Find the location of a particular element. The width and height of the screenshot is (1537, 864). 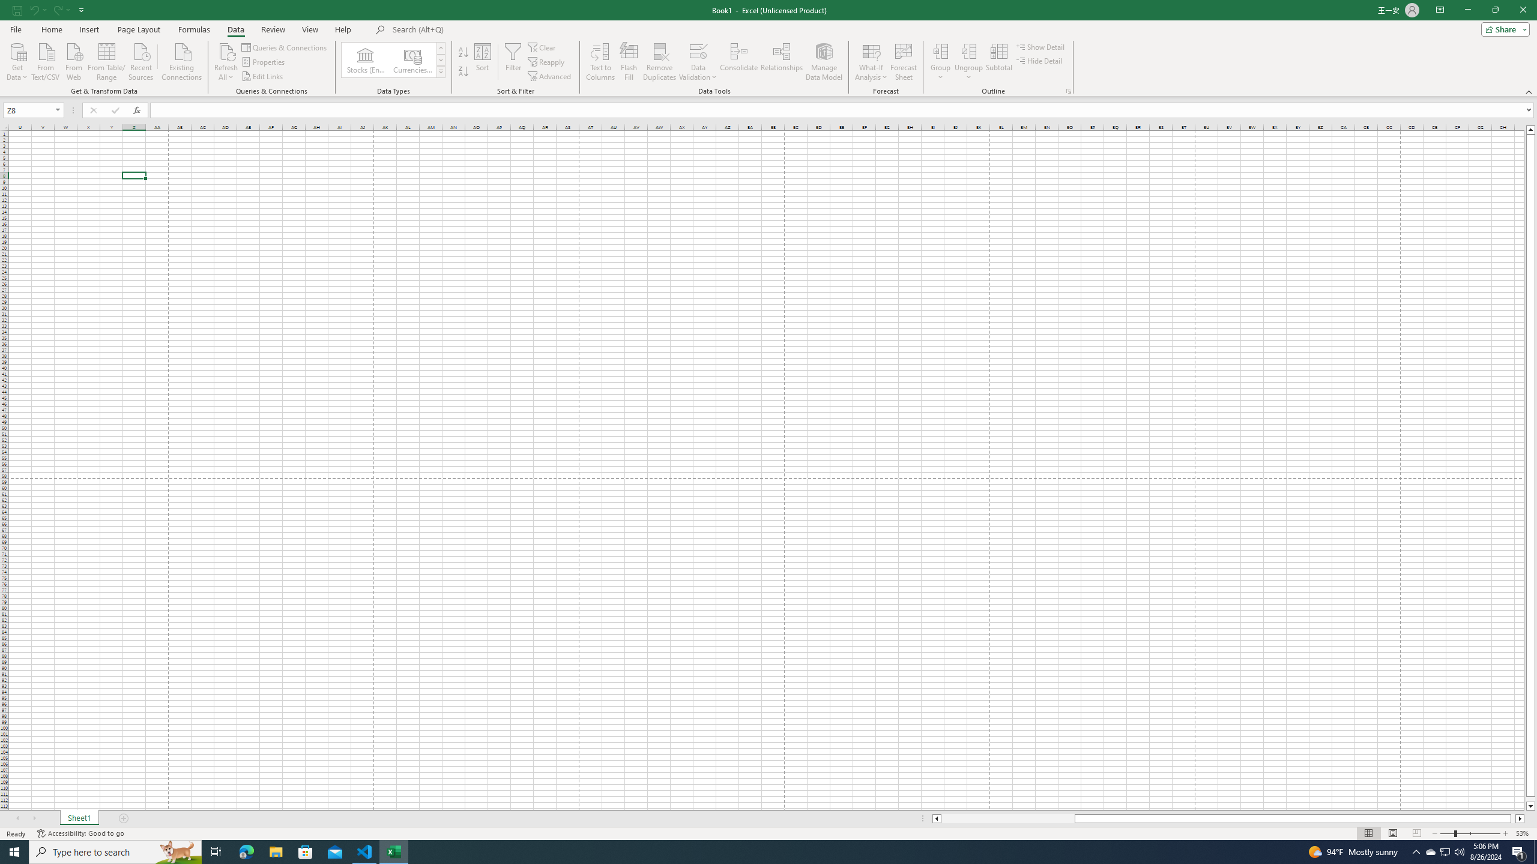

'Existing Connections' is located at coordinates (181, 60).